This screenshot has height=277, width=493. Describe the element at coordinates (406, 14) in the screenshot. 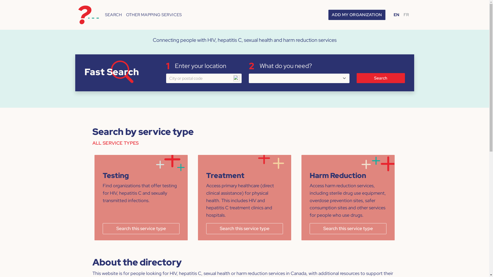

I see `'FR'` at that location.